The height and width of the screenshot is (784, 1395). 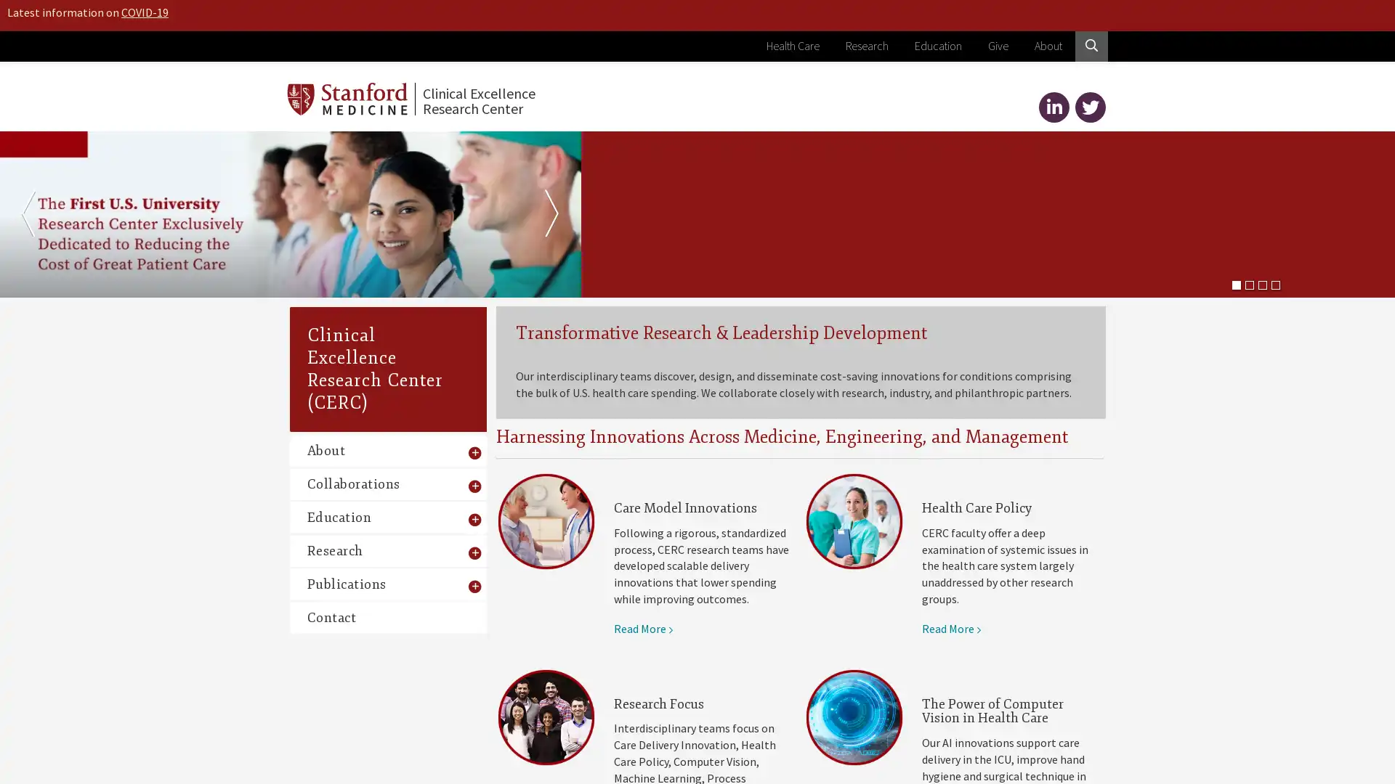 I want to click on Submit Search Query, so click(x=1074, y=135).